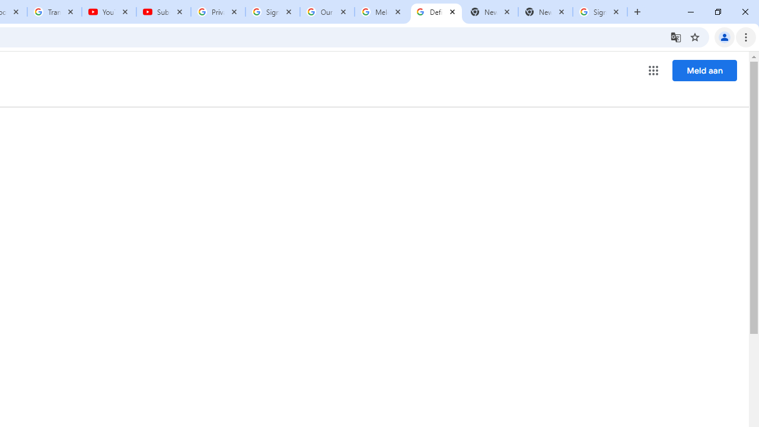 This screenshot has width=759, height=427. What do you see at coordinates (675, 36) in the screenshot?
I see `'Translate this page'` at bounding box center [675, 36].